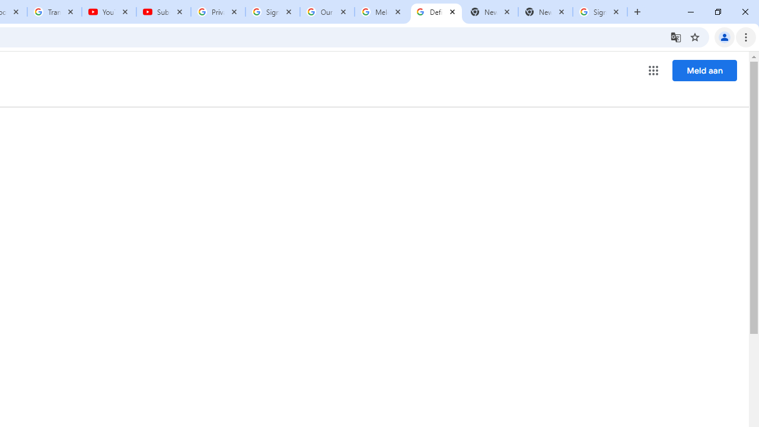 This screenshot has width=759, height=427. What do you see at coordinates (675, 36) in the screenshot?
I see `'Translate this page'` at bounding box center [675, 36].